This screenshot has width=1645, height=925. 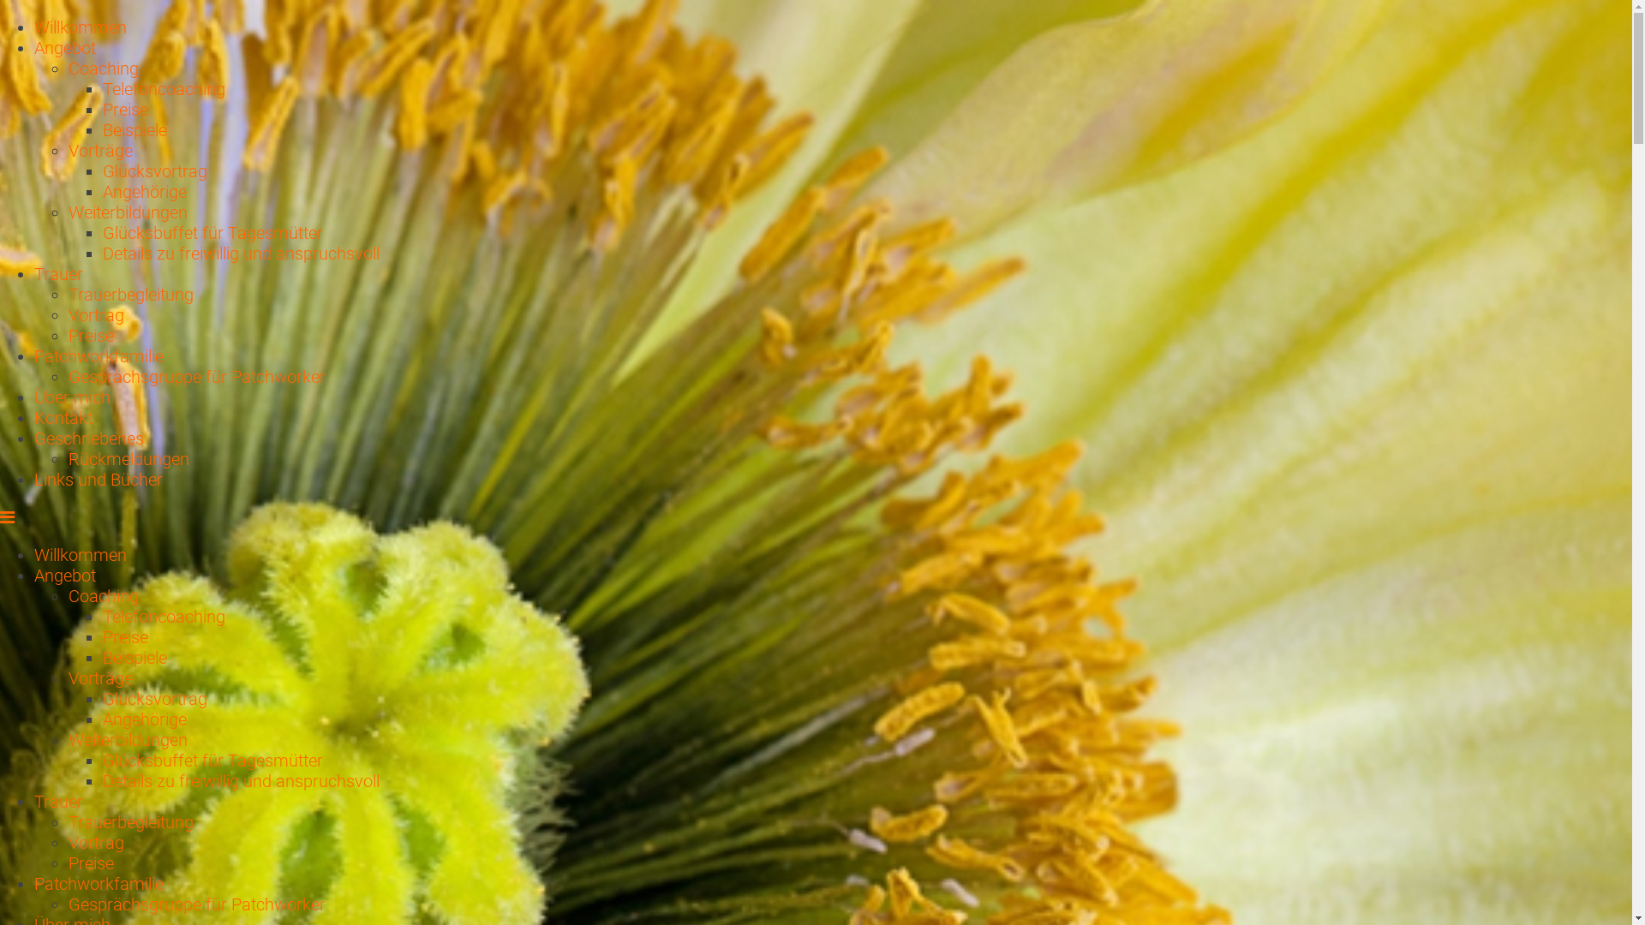 I want to click on 'Weiterbildungen', so click(x=127, y=211).